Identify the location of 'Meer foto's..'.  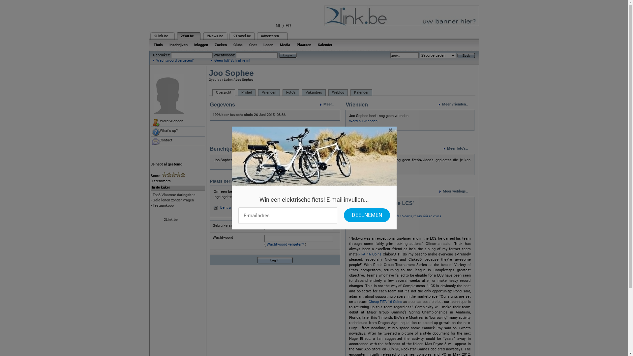
(459, 149).